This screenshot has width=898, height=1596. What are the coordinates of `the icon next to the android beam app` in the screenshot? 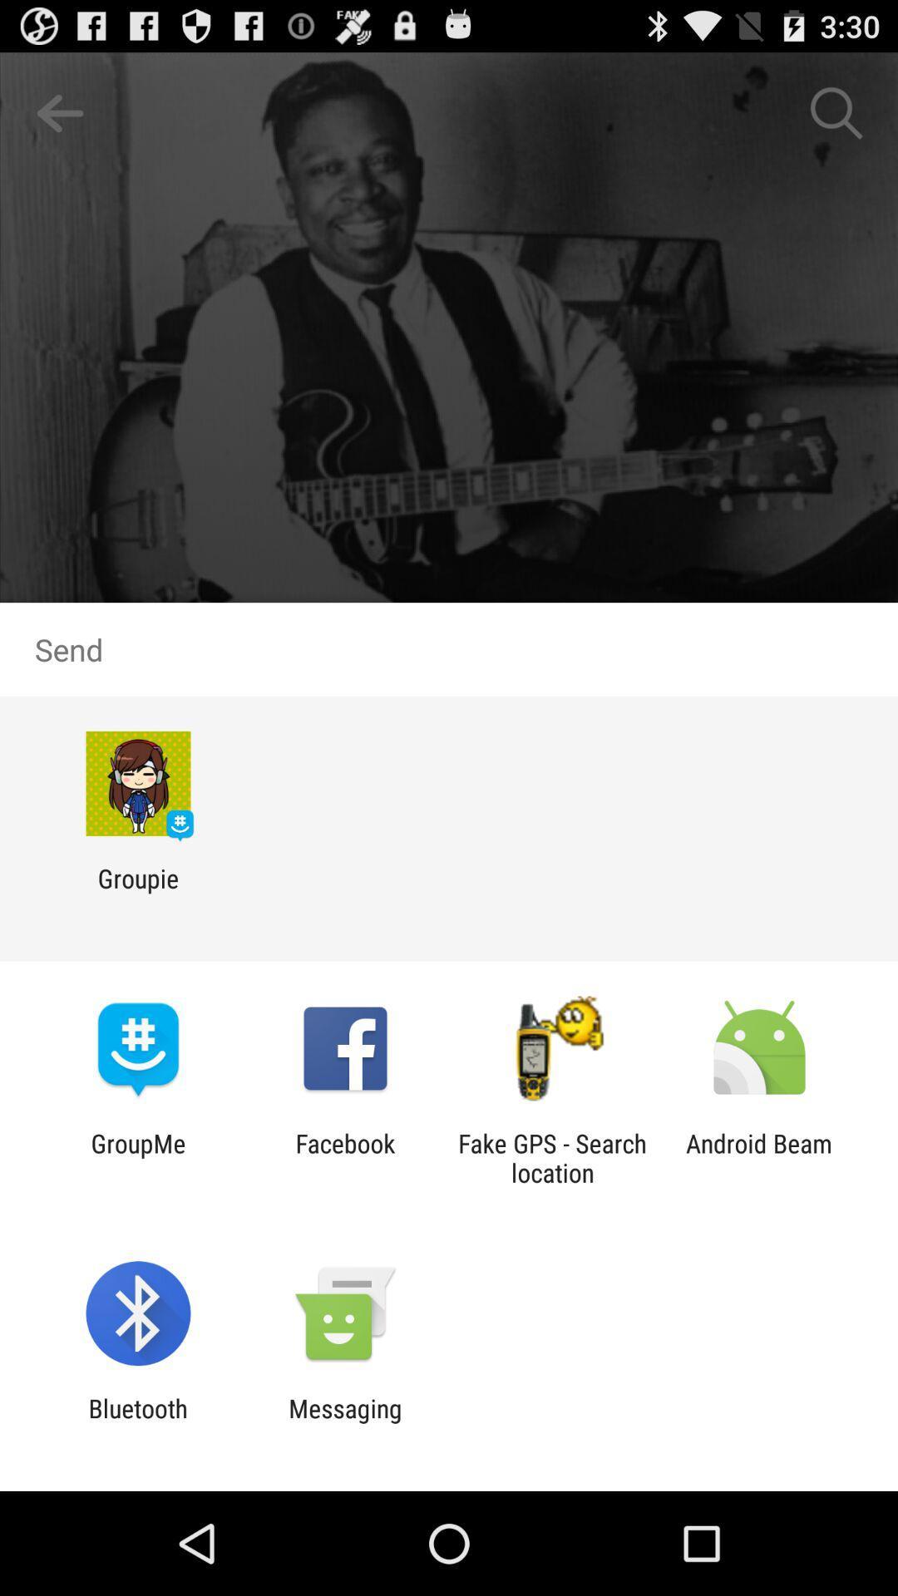 It's located at (552, 1157).